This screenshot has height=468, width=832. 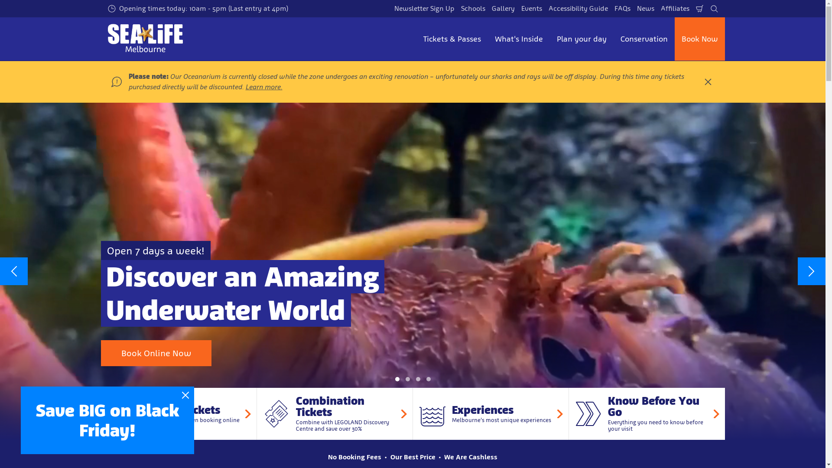 What do you see at coordinates (708, 8) in the screenshot?
I see `'Search'` at bounding box center [708, 8].